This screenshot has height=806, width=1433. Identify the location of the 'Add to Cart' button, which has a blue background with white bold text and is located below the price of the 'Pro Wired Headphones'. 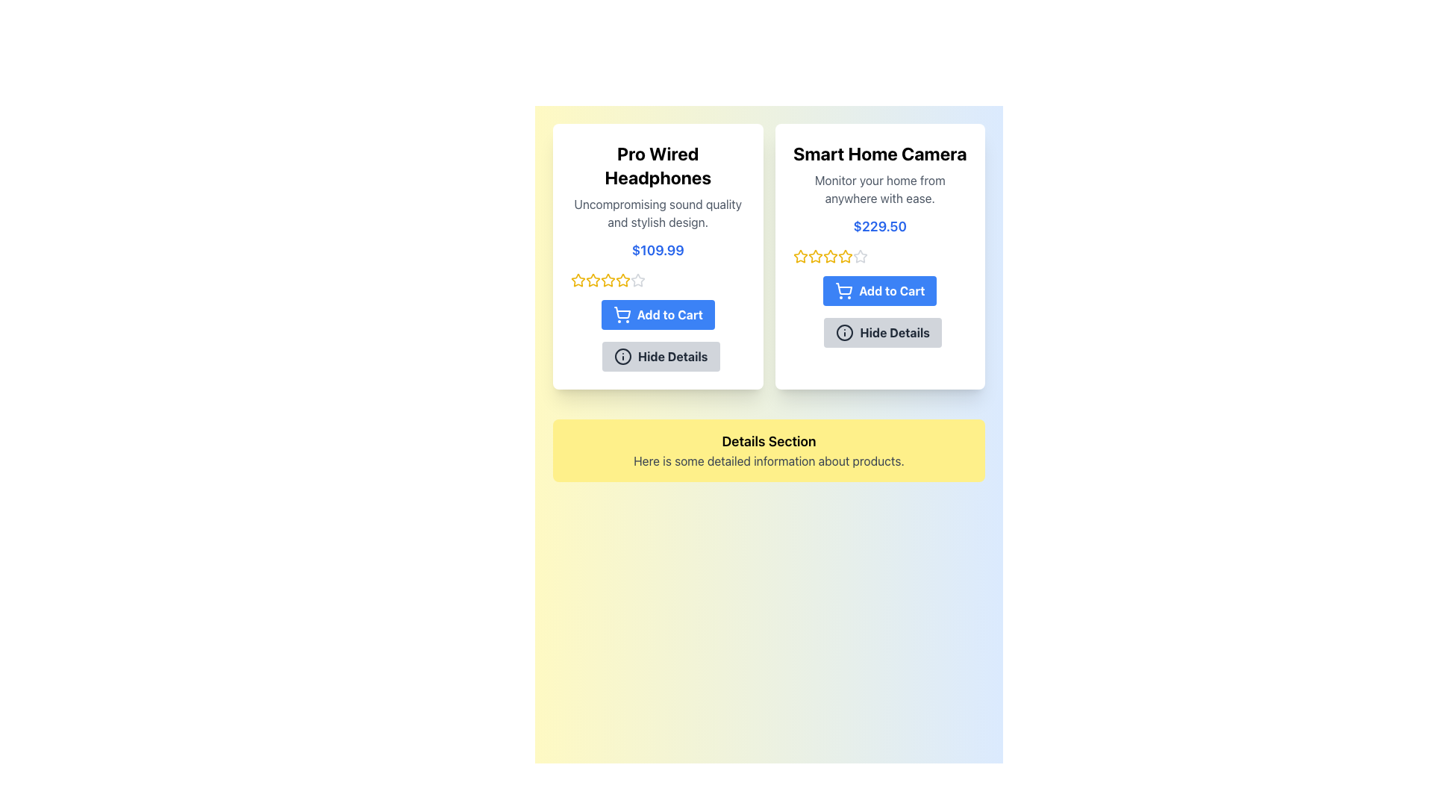
(657, 313).